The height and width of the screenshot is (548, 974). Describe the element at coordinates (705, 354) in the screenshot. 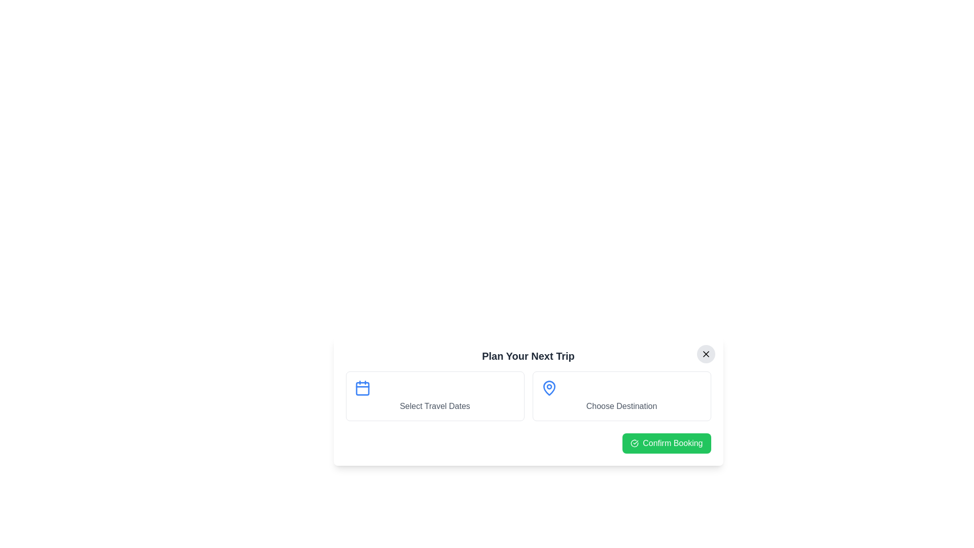

I see `the close button to close the dialog` at that location.